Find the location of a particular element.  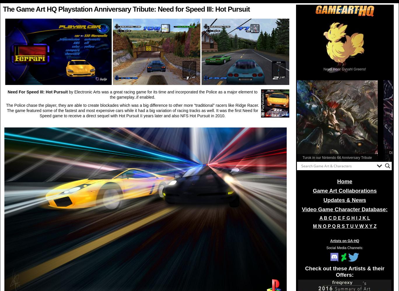

'Social Media Channels:' is located at coordinates (344, 248).